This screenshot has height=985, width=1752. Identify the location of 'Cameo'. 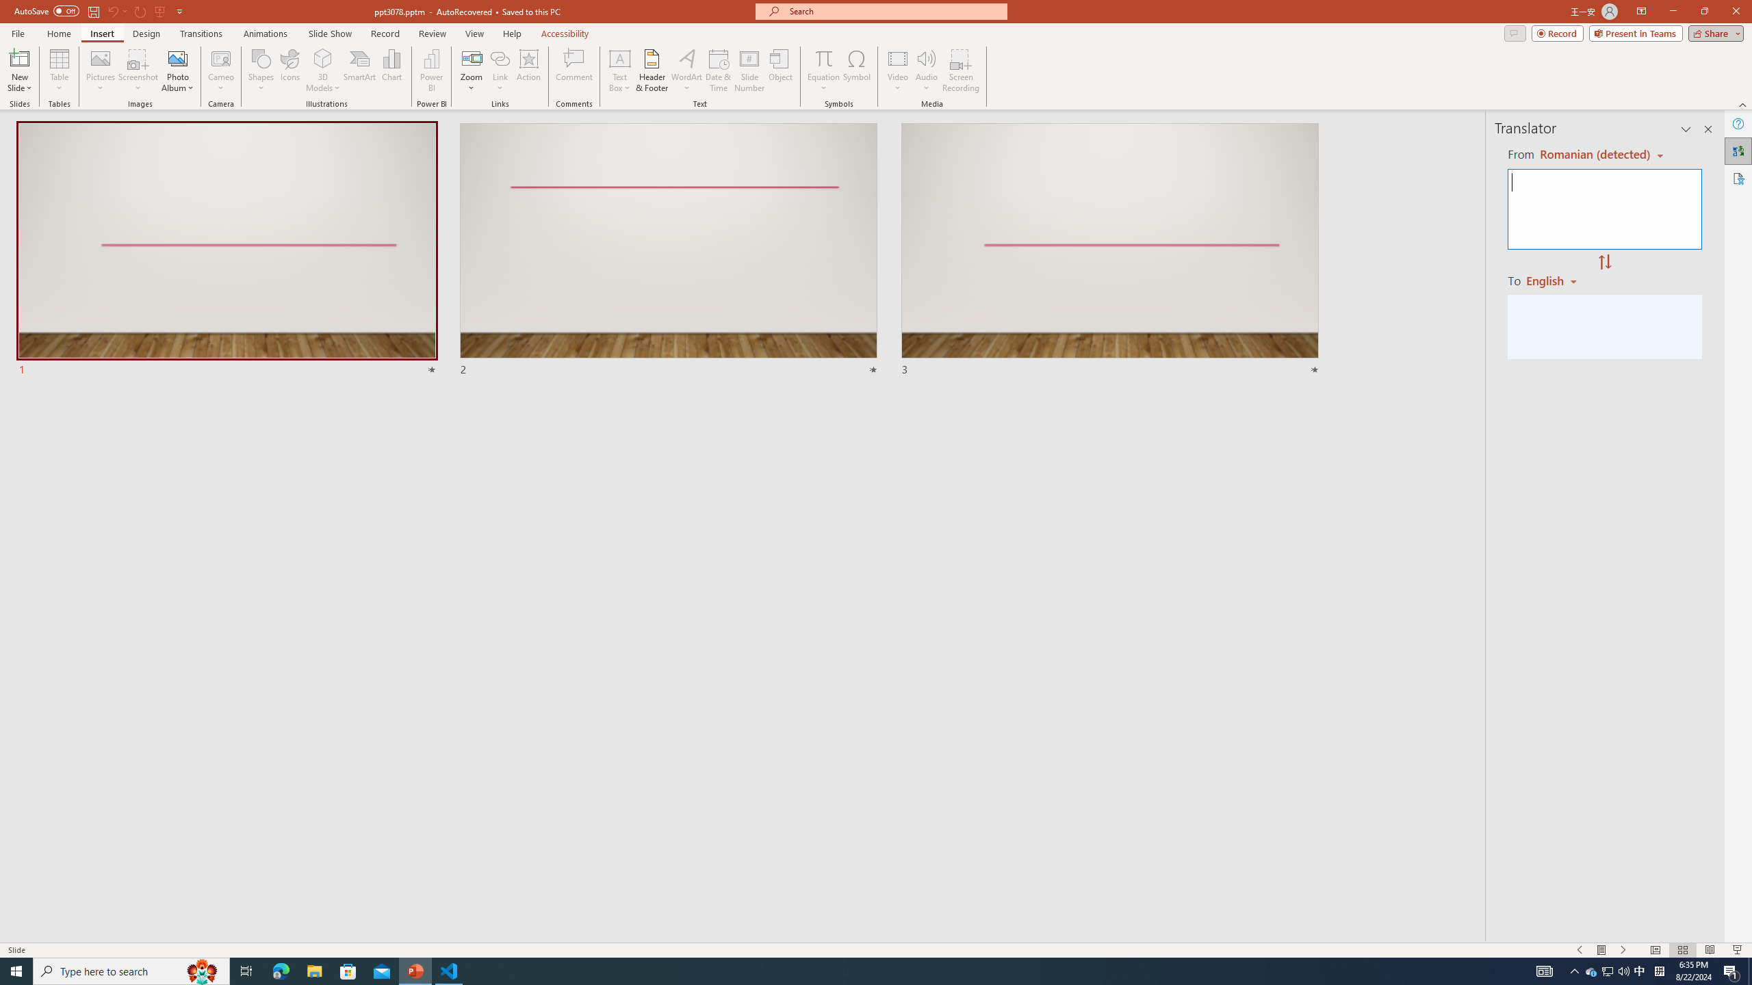
(220, 57).